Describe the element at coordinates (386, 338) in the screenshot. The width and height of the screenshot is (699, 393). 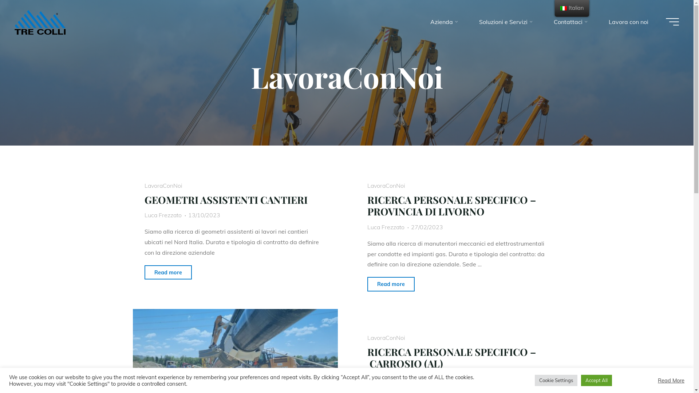
I see `'LavoraConNoi'` at that location.